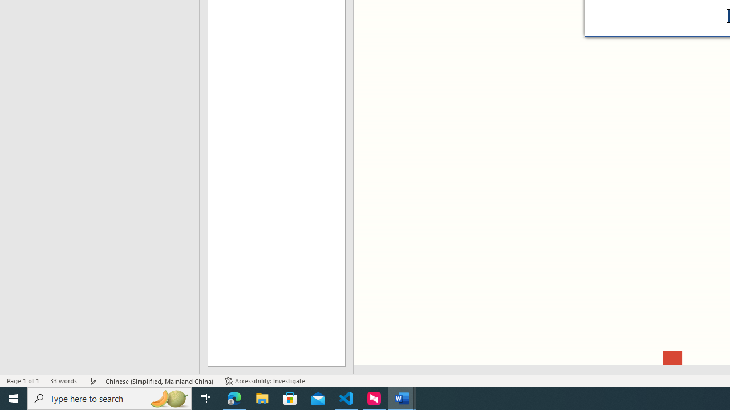  I want to click on 'Microsoft Store', so click(290, 397).